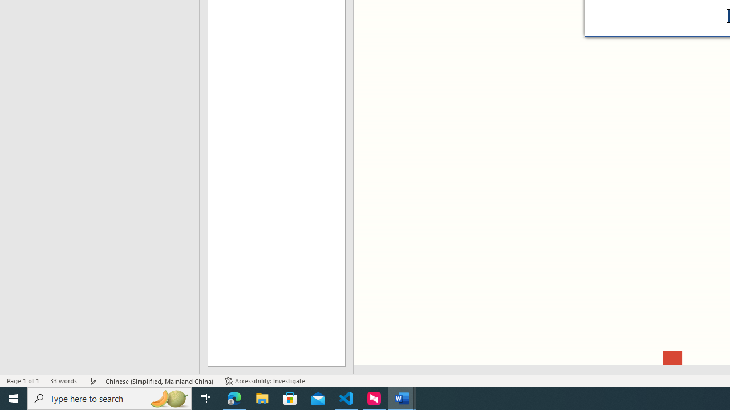  I want to click on 'Microsoft Store', so click(290, 397).